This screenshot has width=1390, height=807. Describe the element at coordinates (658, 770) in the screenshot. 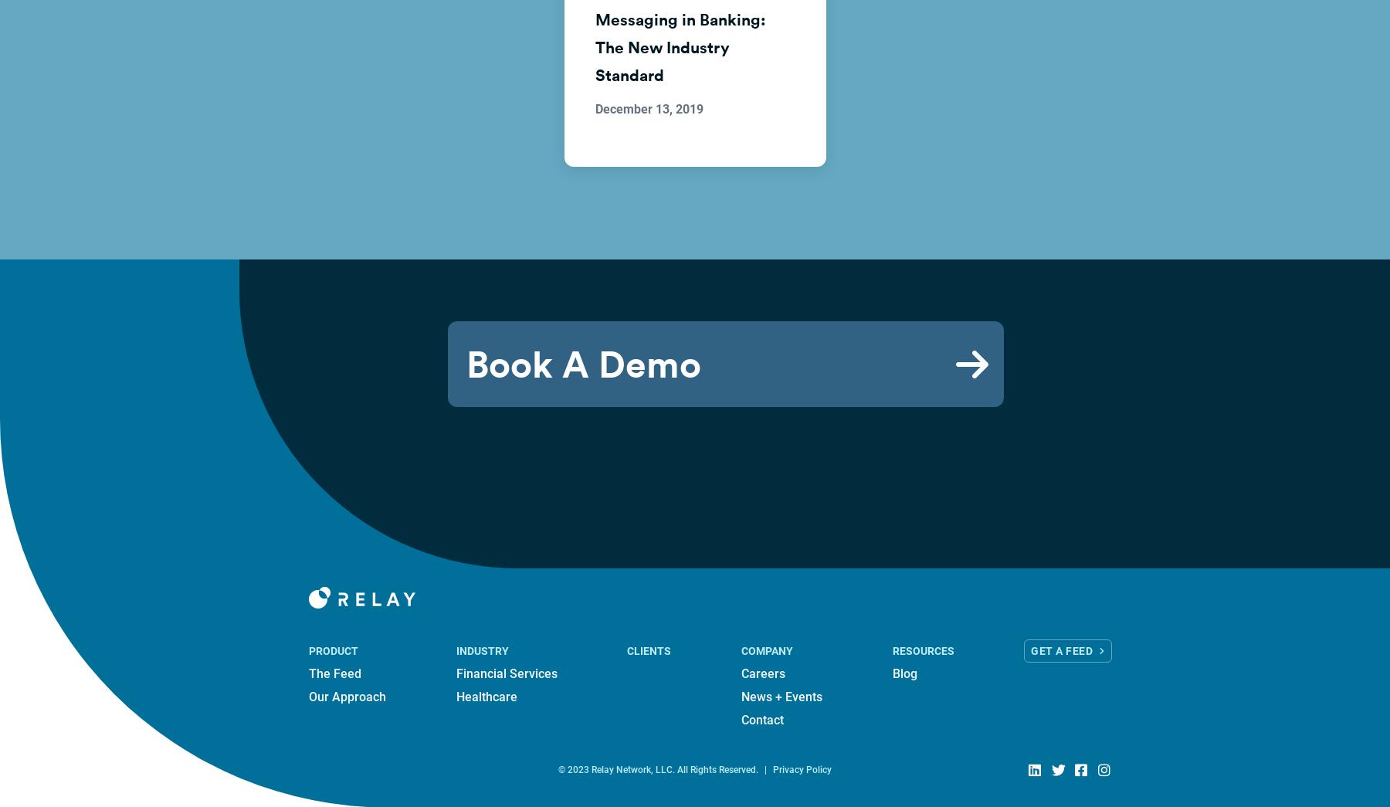

I see `'© 2023 Relay Network, LLC. All Rights Reserved.'` at that location.